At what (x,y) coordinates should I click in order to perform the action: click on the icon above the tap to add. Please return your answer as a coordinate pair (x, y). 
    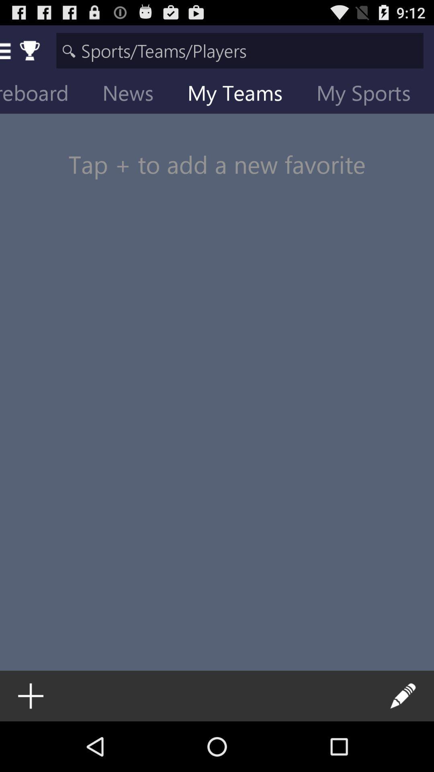
    Looking at the image, I should click on (134, 94).